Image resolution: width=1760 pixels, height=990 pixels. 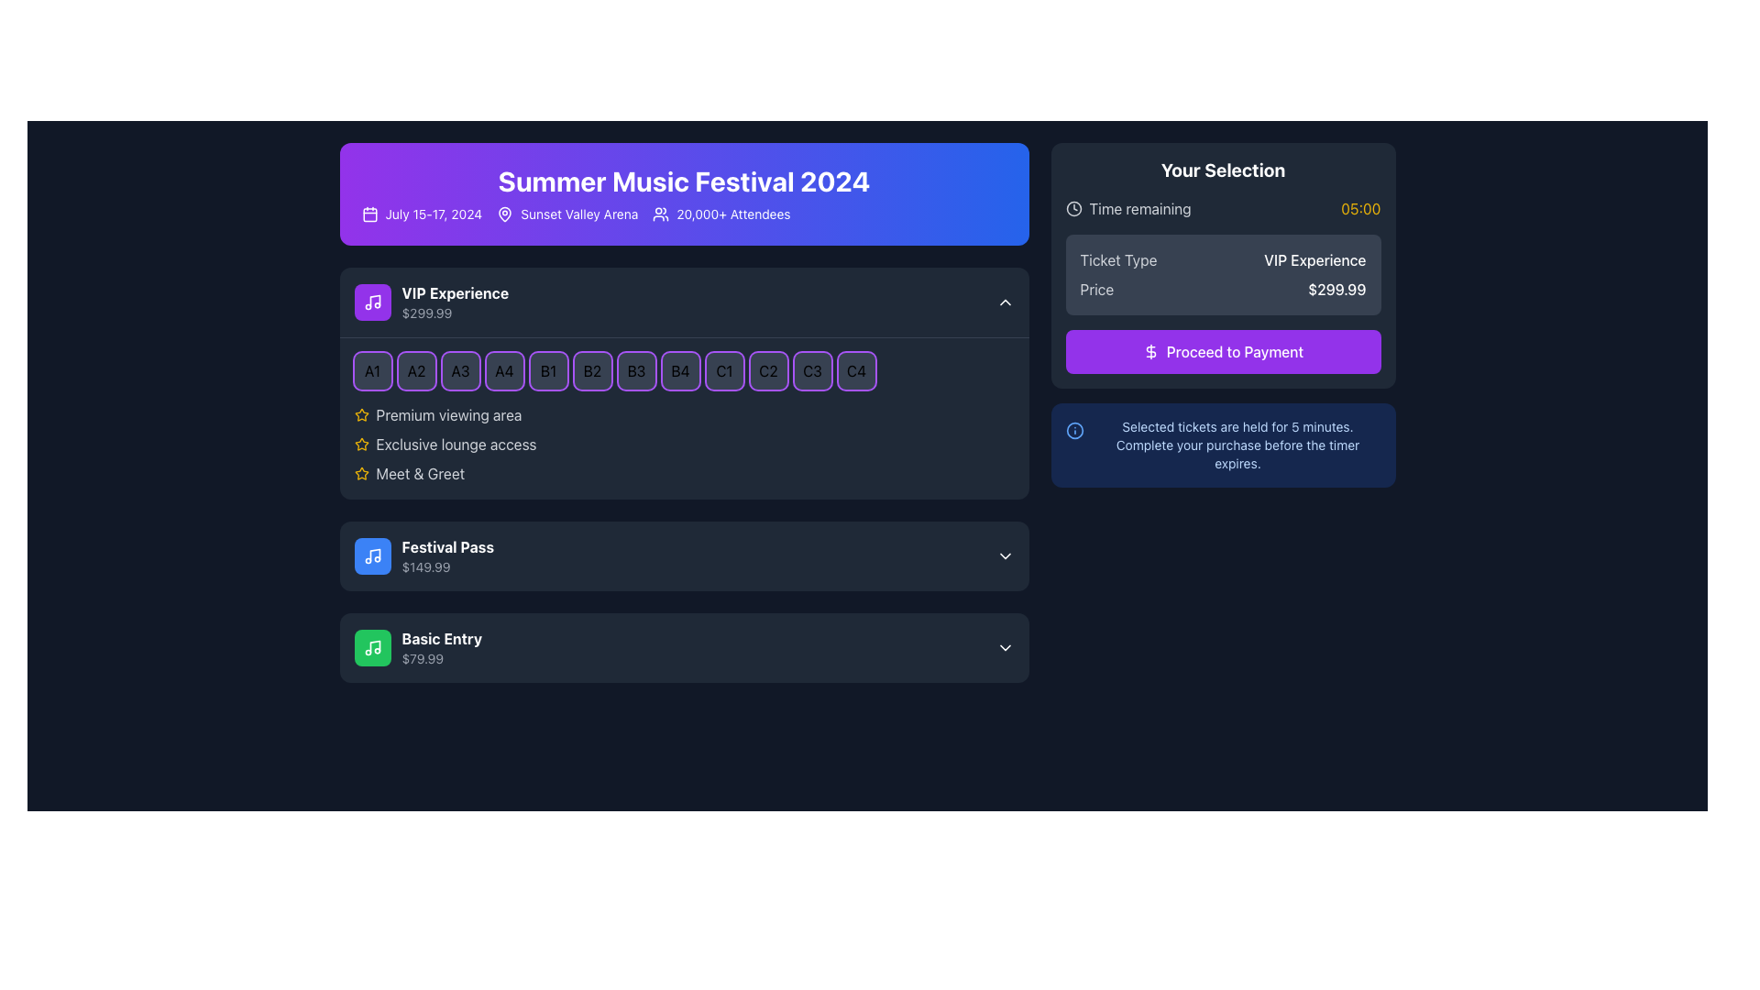 What do you see at coordinates (1096, 289) in the screenshot?
I see `the static text label displaying 'Price' in gray font, located in the 'Your Selection' section on the right side of the layout, preceding the '$299.99' text` at bounding box center [1096, 289].